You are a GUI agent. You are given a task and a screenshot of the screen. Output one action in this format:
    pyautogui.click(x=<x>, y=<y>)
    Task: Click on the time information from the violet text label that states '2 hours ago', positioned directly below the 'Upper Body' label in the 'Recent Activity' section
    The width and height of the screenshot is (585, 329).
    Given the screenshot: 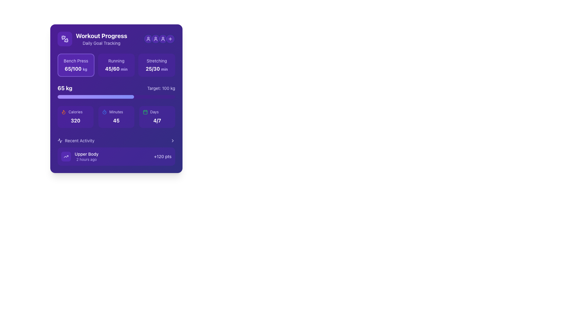 What is the action you would take?
    pyautogui.click(x=86, y=159)
    